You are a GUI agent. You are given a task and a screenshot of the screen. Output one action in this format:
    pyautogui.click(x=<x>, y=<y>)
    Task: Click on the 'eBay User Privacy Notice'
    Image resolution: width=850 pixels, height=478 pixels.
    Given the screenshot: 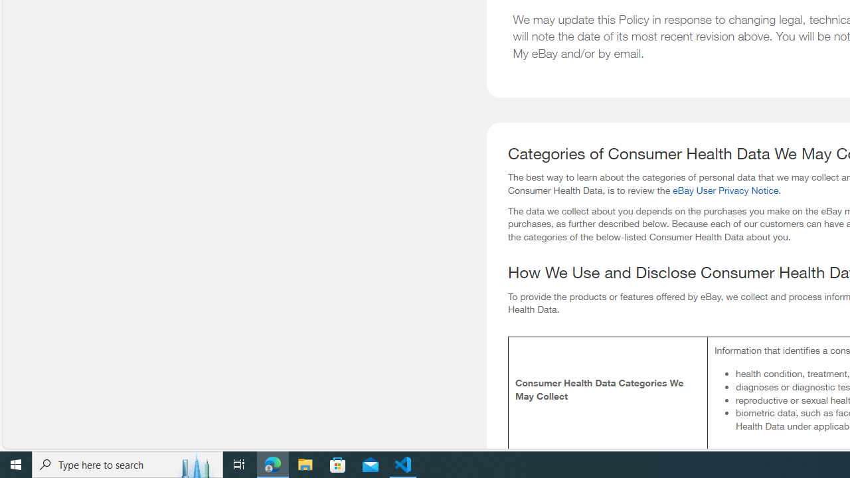 What is the action you would take?
    pyautogui.click(x=724, y=190)
    